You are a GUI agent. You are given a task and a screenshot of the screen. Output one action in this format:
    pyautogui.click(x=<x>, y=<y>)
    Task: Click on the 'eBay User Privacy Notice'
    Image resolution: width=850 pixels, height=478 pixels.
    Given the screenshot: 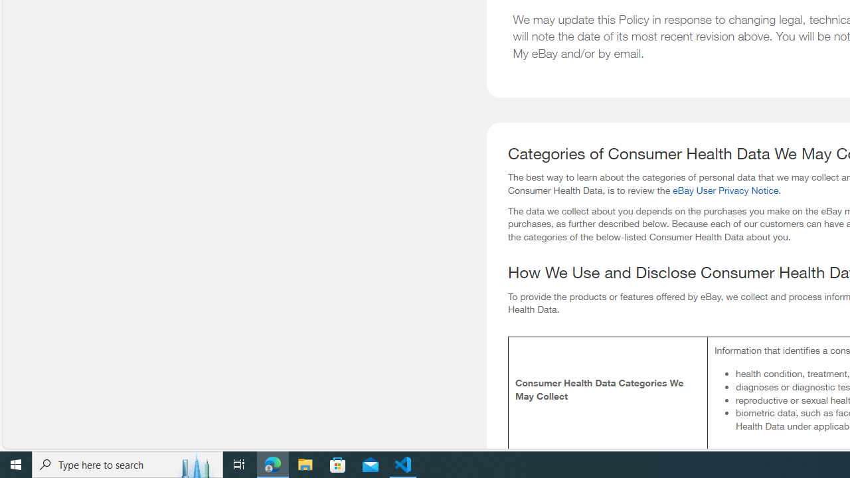 What is the action you would take?
    pyautogui.click(x=724, y=190)
    